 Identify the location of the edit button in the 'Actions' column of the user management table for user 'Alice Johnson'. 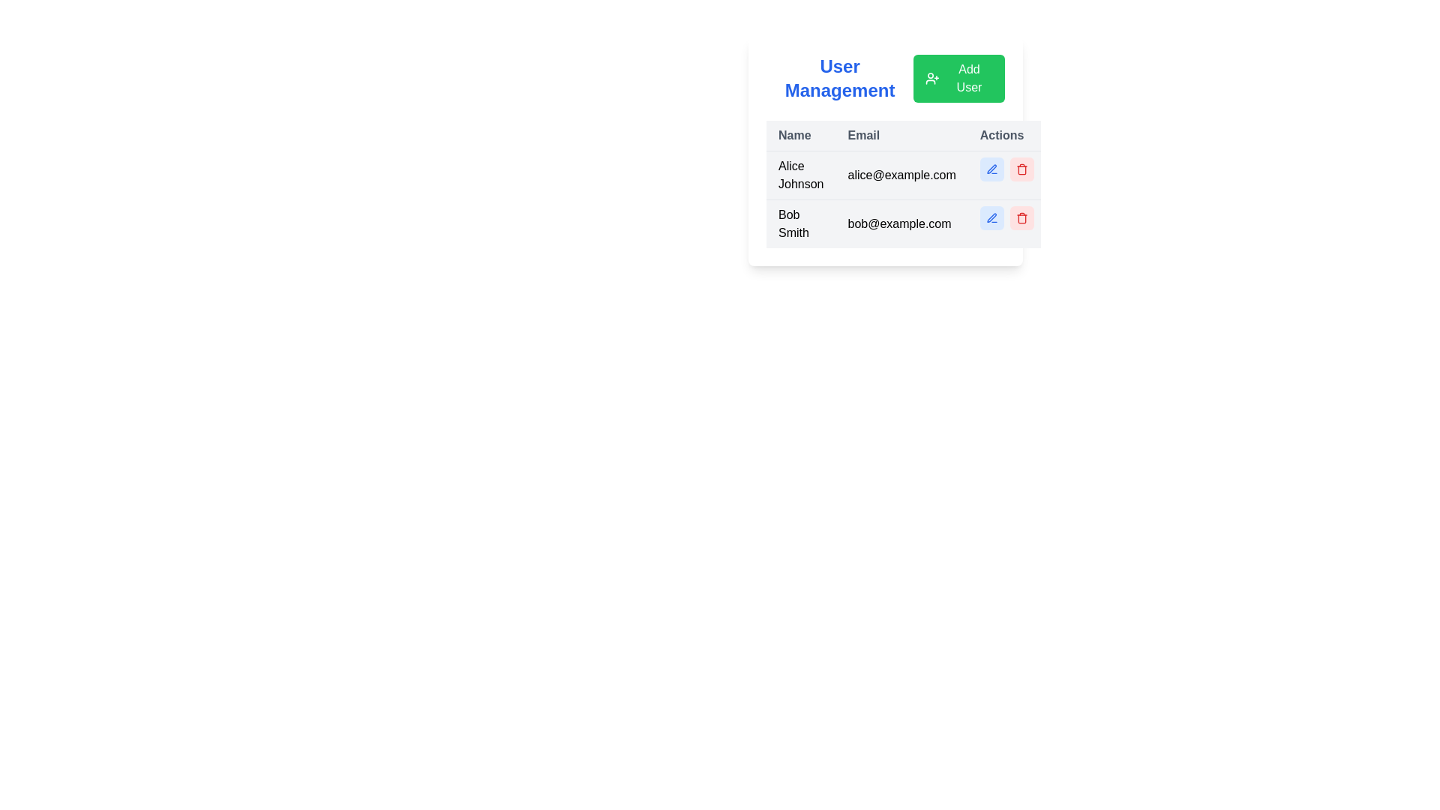
(991, 169).